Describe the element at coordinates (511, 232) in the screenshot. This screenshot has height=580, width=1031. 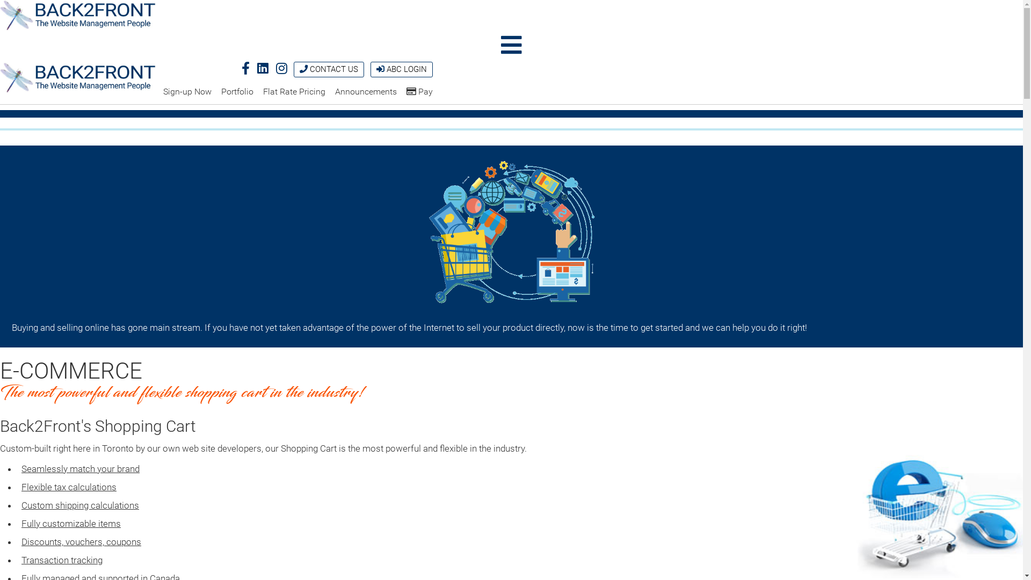
I see `'Ecommerce'` at that location.